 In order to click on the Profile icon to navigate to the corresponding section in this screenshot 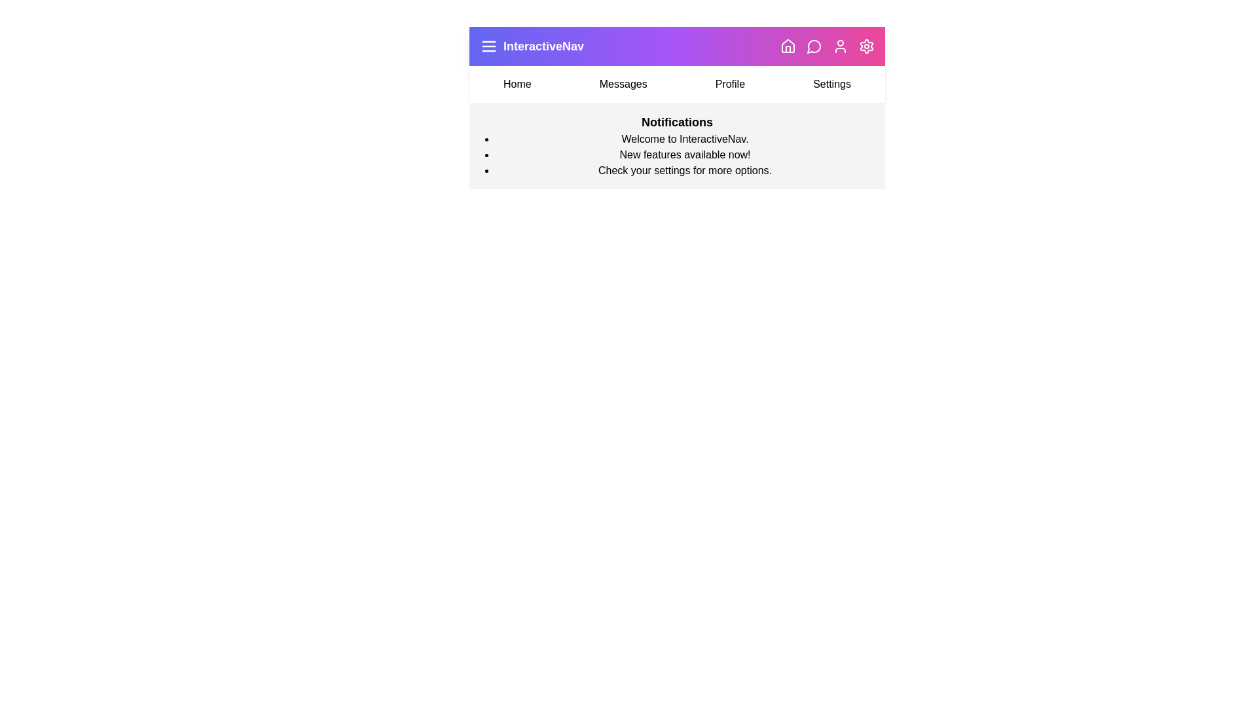, I will do `click(840, 45)`.